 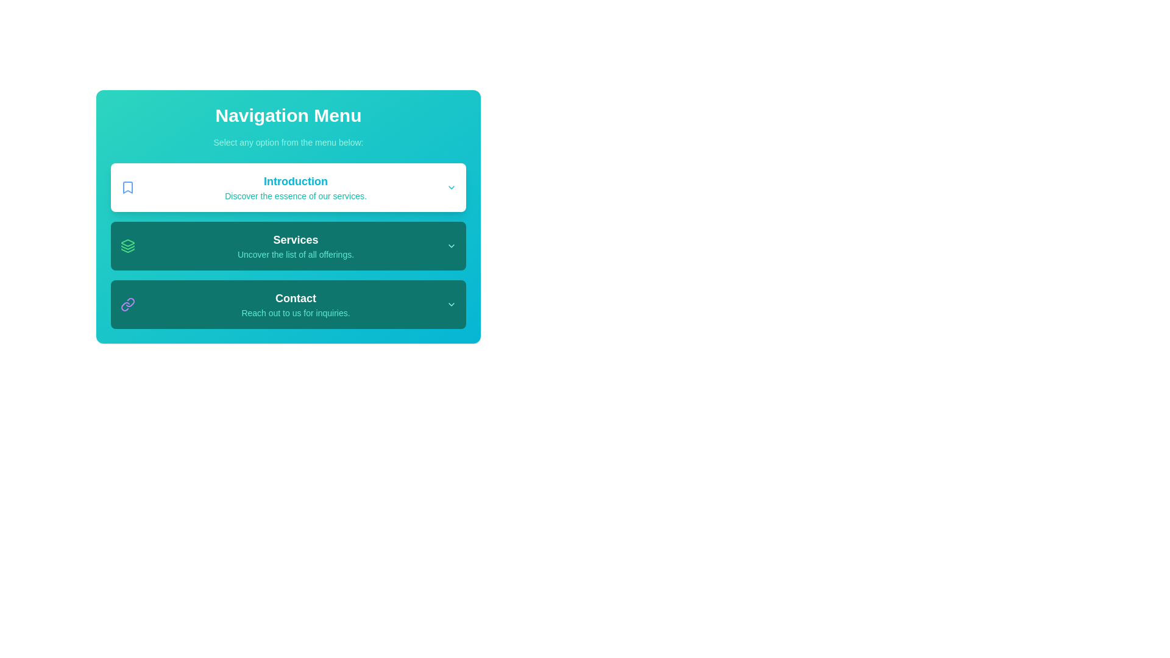 I want to click on the downward chevron icon on the far right side of the 'Introduction' section, so click(x=450, y=188).